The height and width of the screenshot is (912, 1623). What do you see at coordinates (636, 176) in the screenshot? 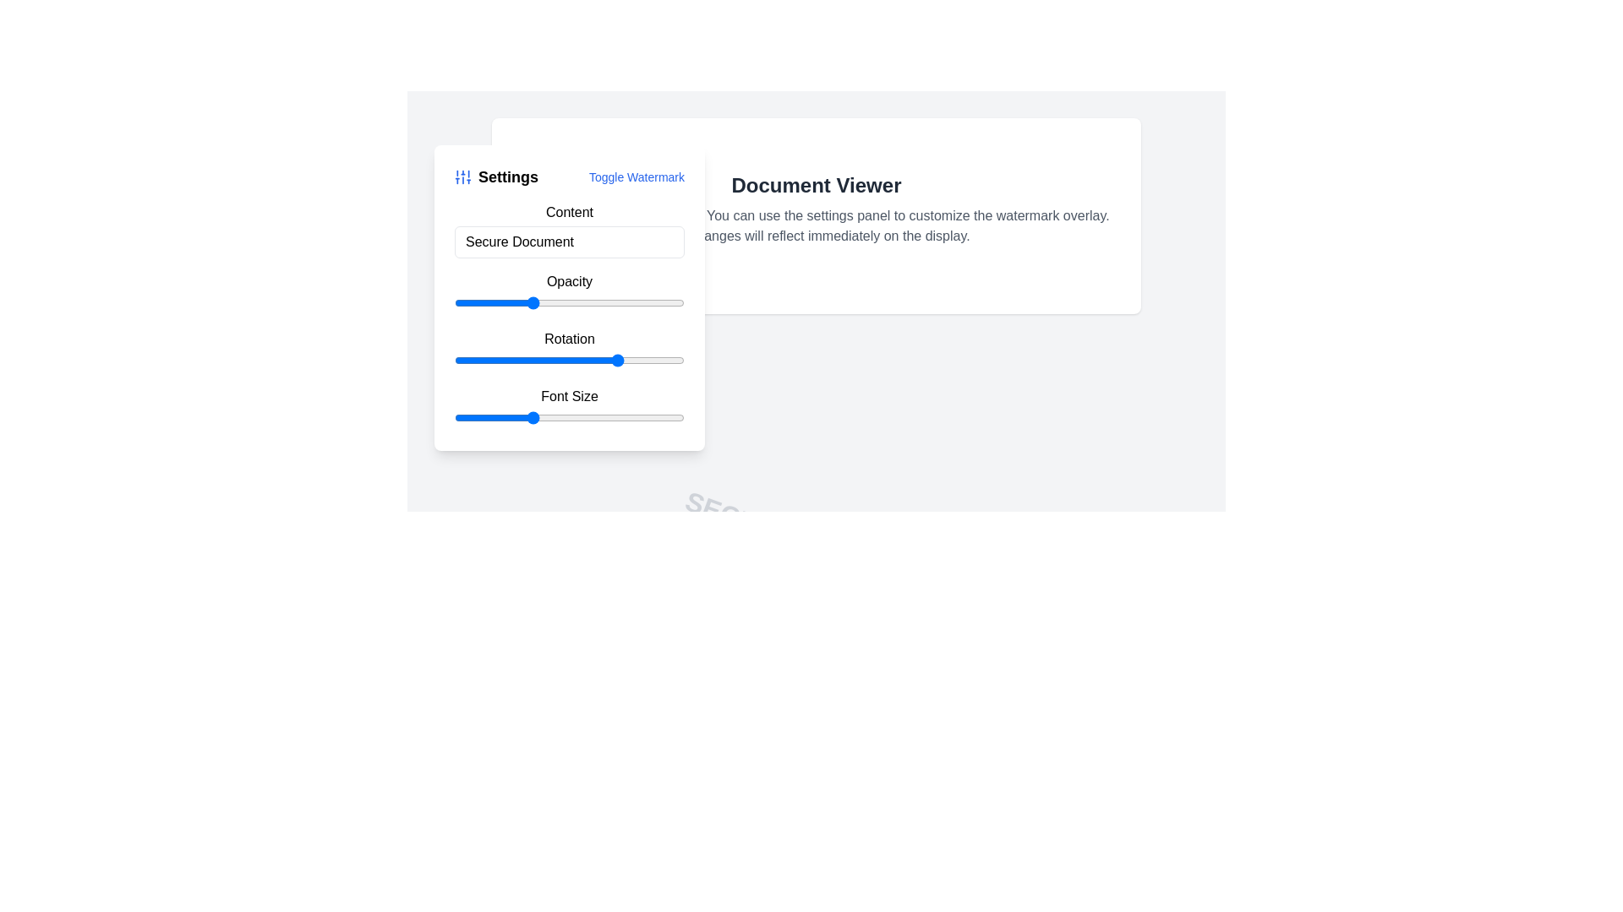
I see `the clickable text link reading 'Toggle Watermark', which is styled in a small blue font with an underline hover effect, located at the top-right of the settings panel header` at bounding box center [636, 176].